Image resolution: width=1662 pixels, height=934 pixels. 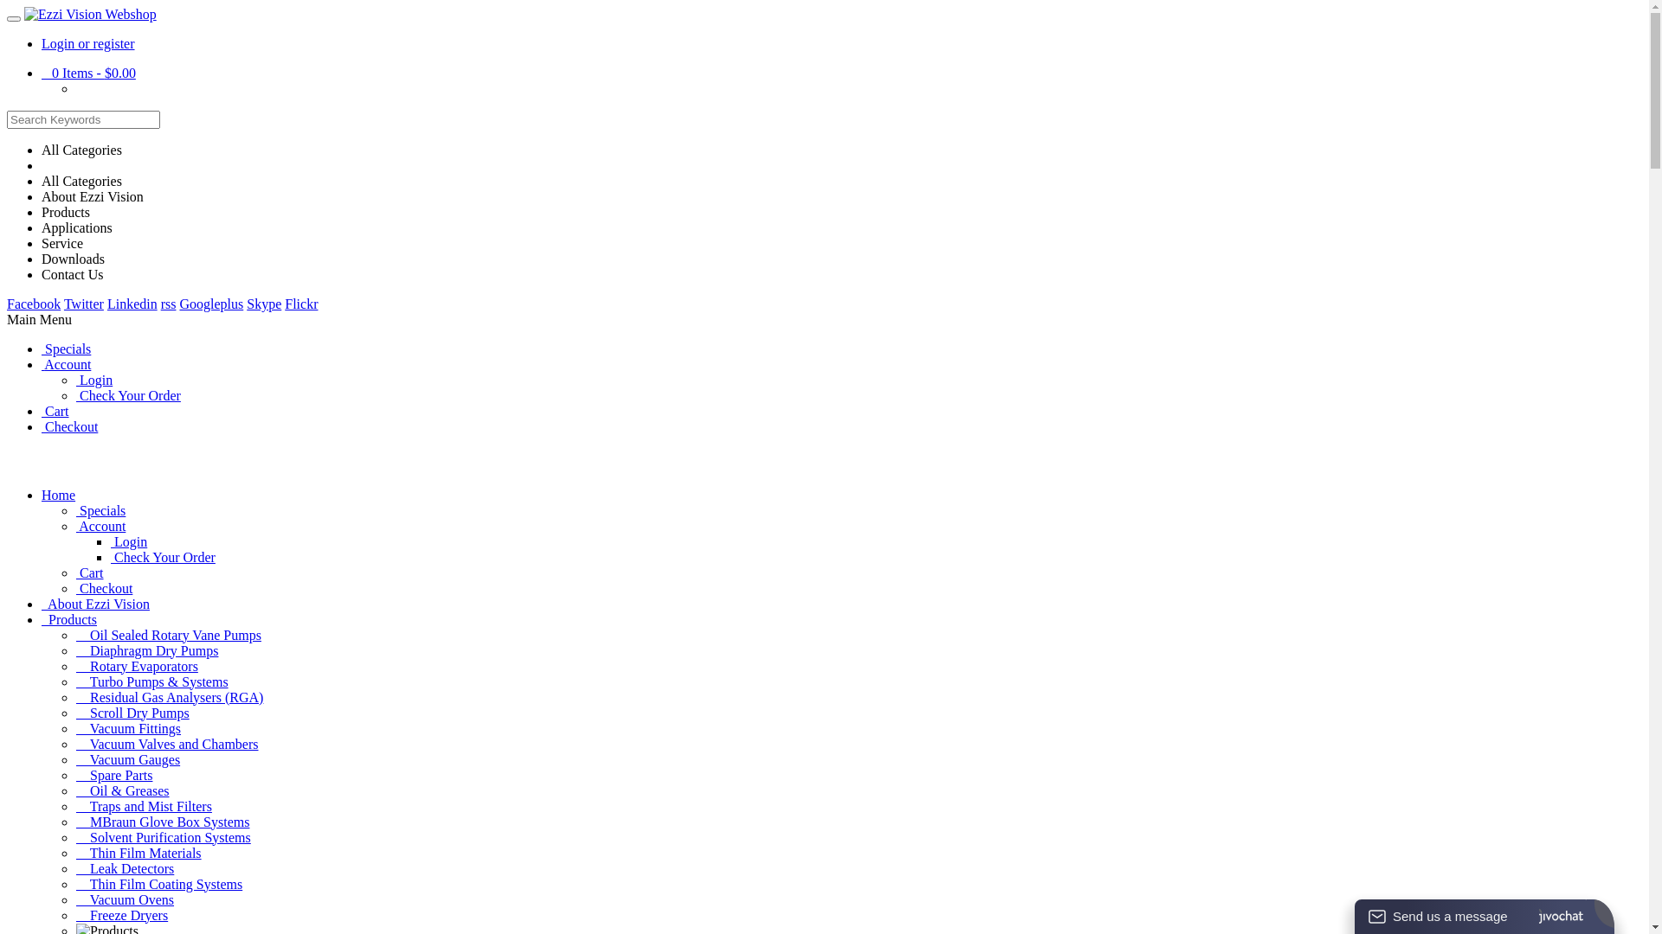 What do you see at coordinates (76, 227) in the screenshot?
I see `'Applications'` at bounding box center [76, 227].